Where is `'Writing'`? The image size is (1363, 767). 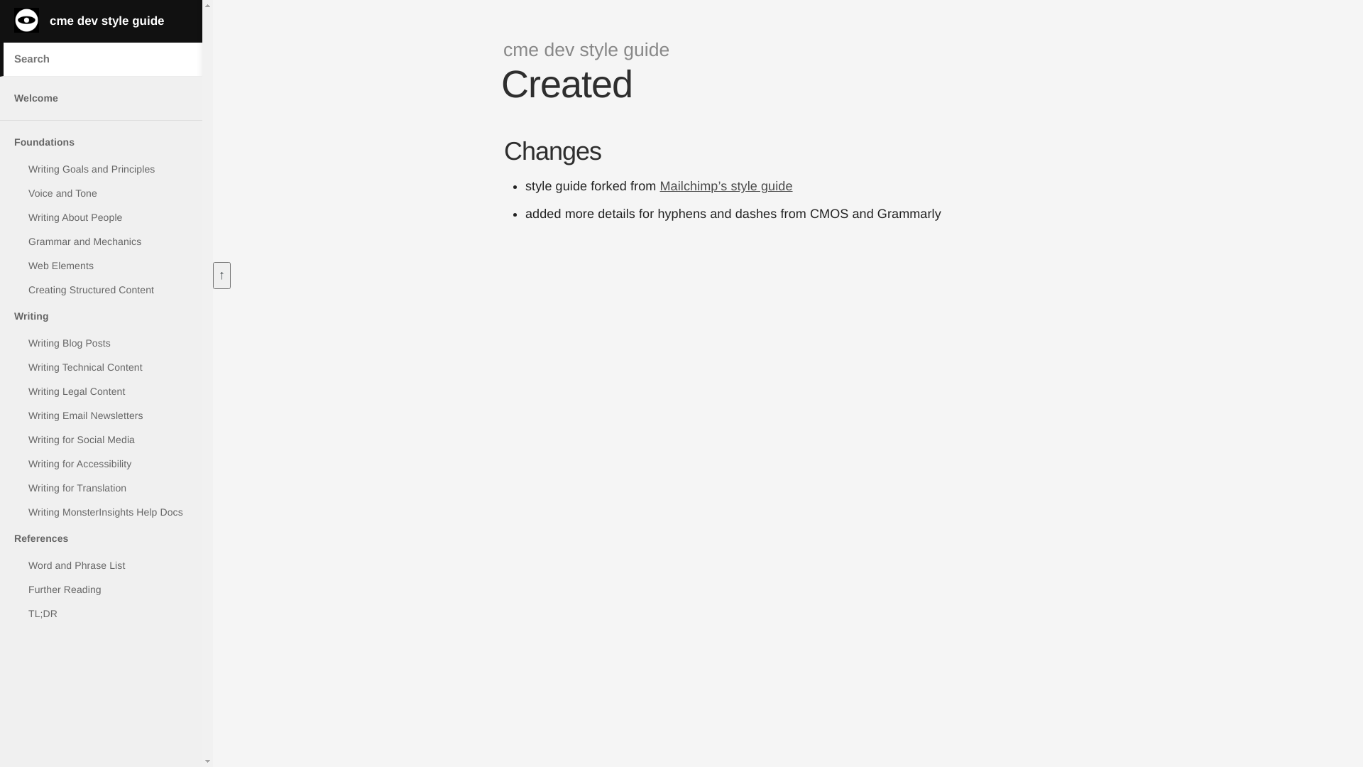 'Writing' is located at coordinates (100, 315).